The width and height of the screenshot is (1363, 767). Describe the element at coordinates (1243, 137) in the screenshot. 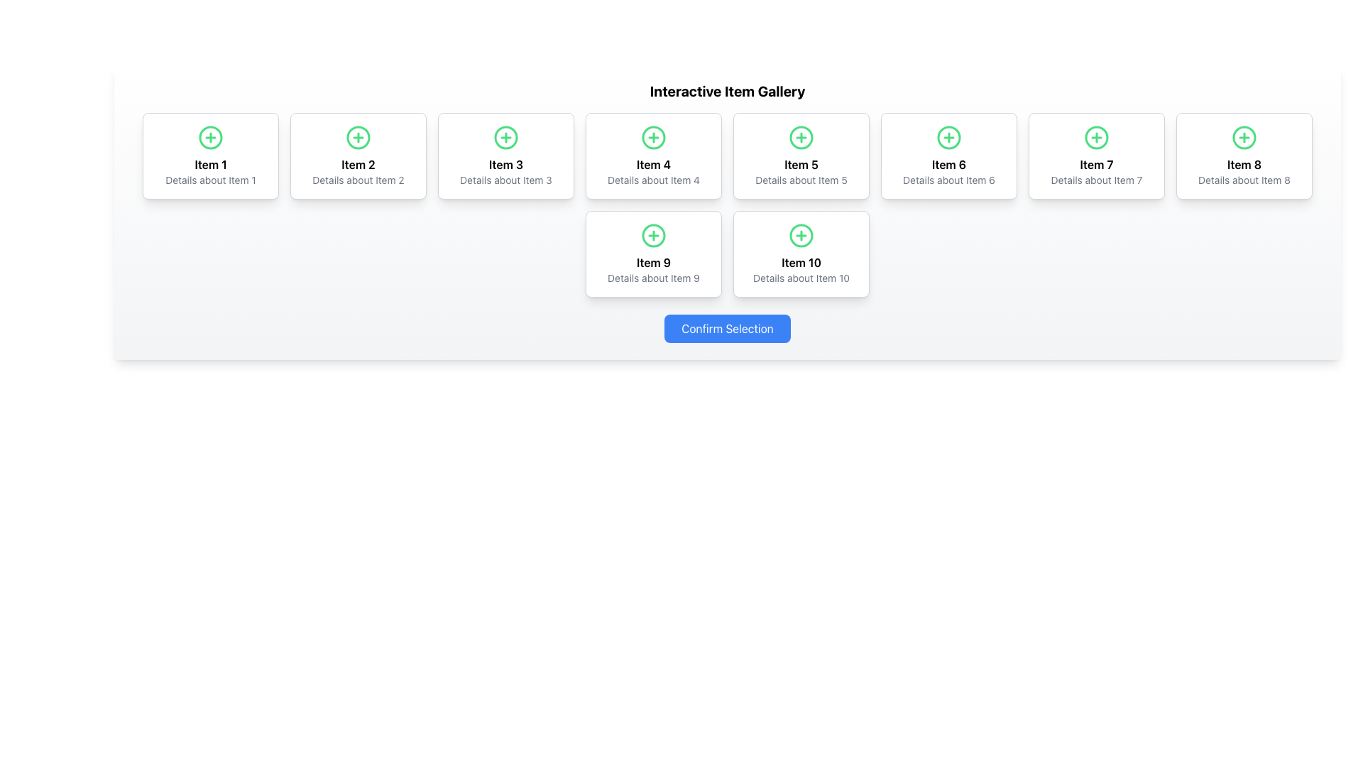

I see `the green circular button with a plus sign located above the text 'Item 8'` at that location.